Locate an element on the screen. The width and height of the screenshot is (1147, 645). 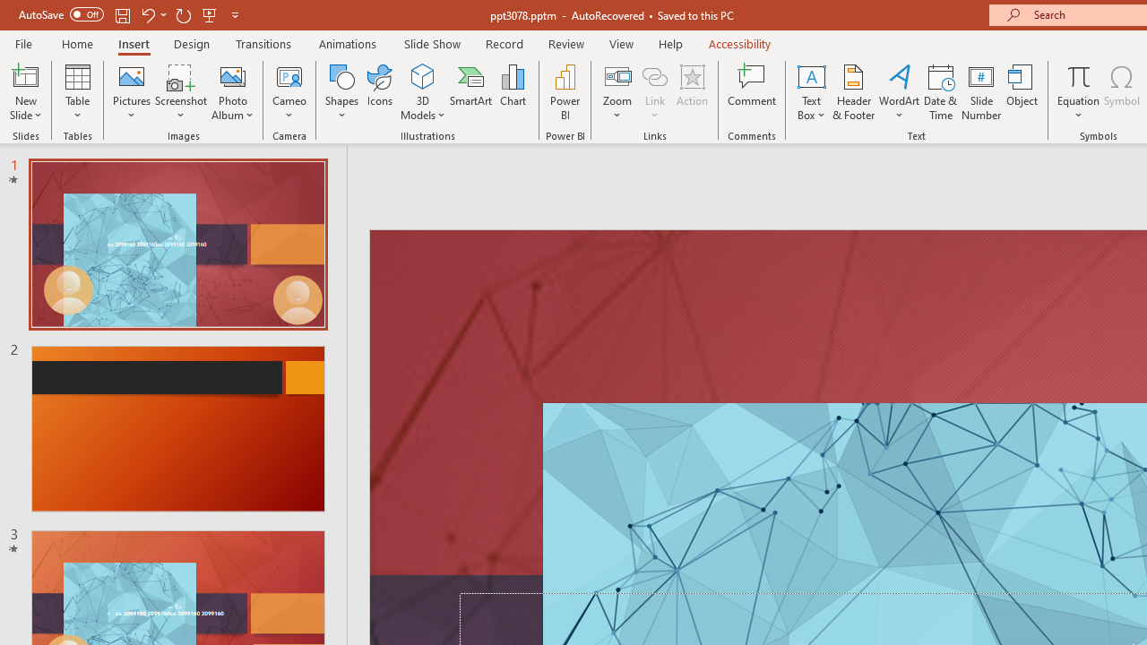
'Home' is located at coordinates (76, 43).